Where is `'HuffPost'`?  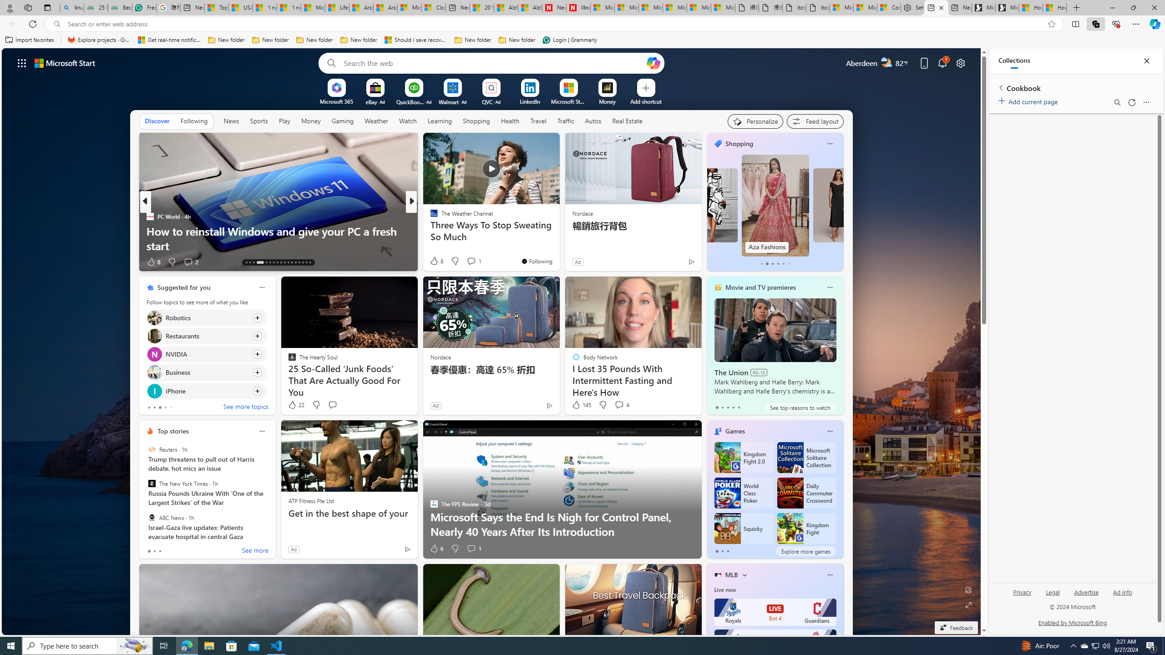 'HuffPost' is located at coordinates (430, 216).